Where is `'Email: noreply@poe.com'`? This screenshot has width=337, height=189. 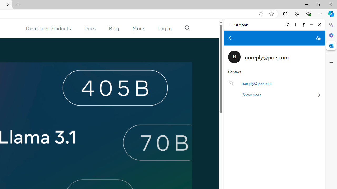 'Email: noreply@poe.com' is located at coordinates (274, 83).